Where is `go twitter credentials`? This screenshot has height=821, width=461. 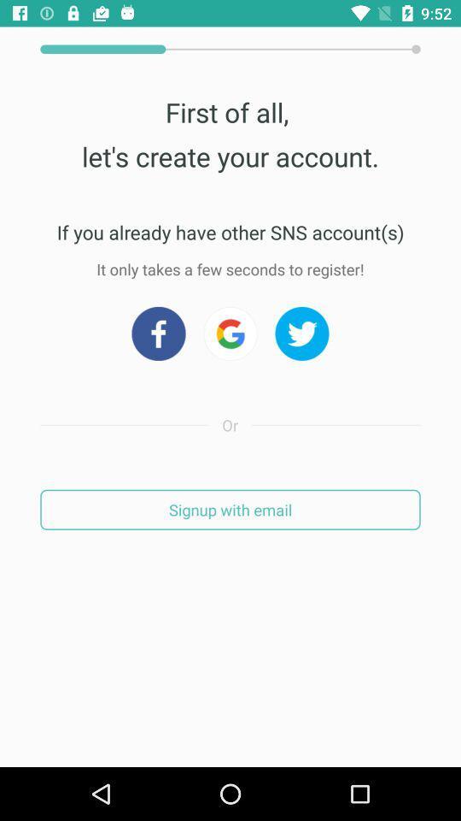
go twitter credentials is located at coordinates (301, 333).